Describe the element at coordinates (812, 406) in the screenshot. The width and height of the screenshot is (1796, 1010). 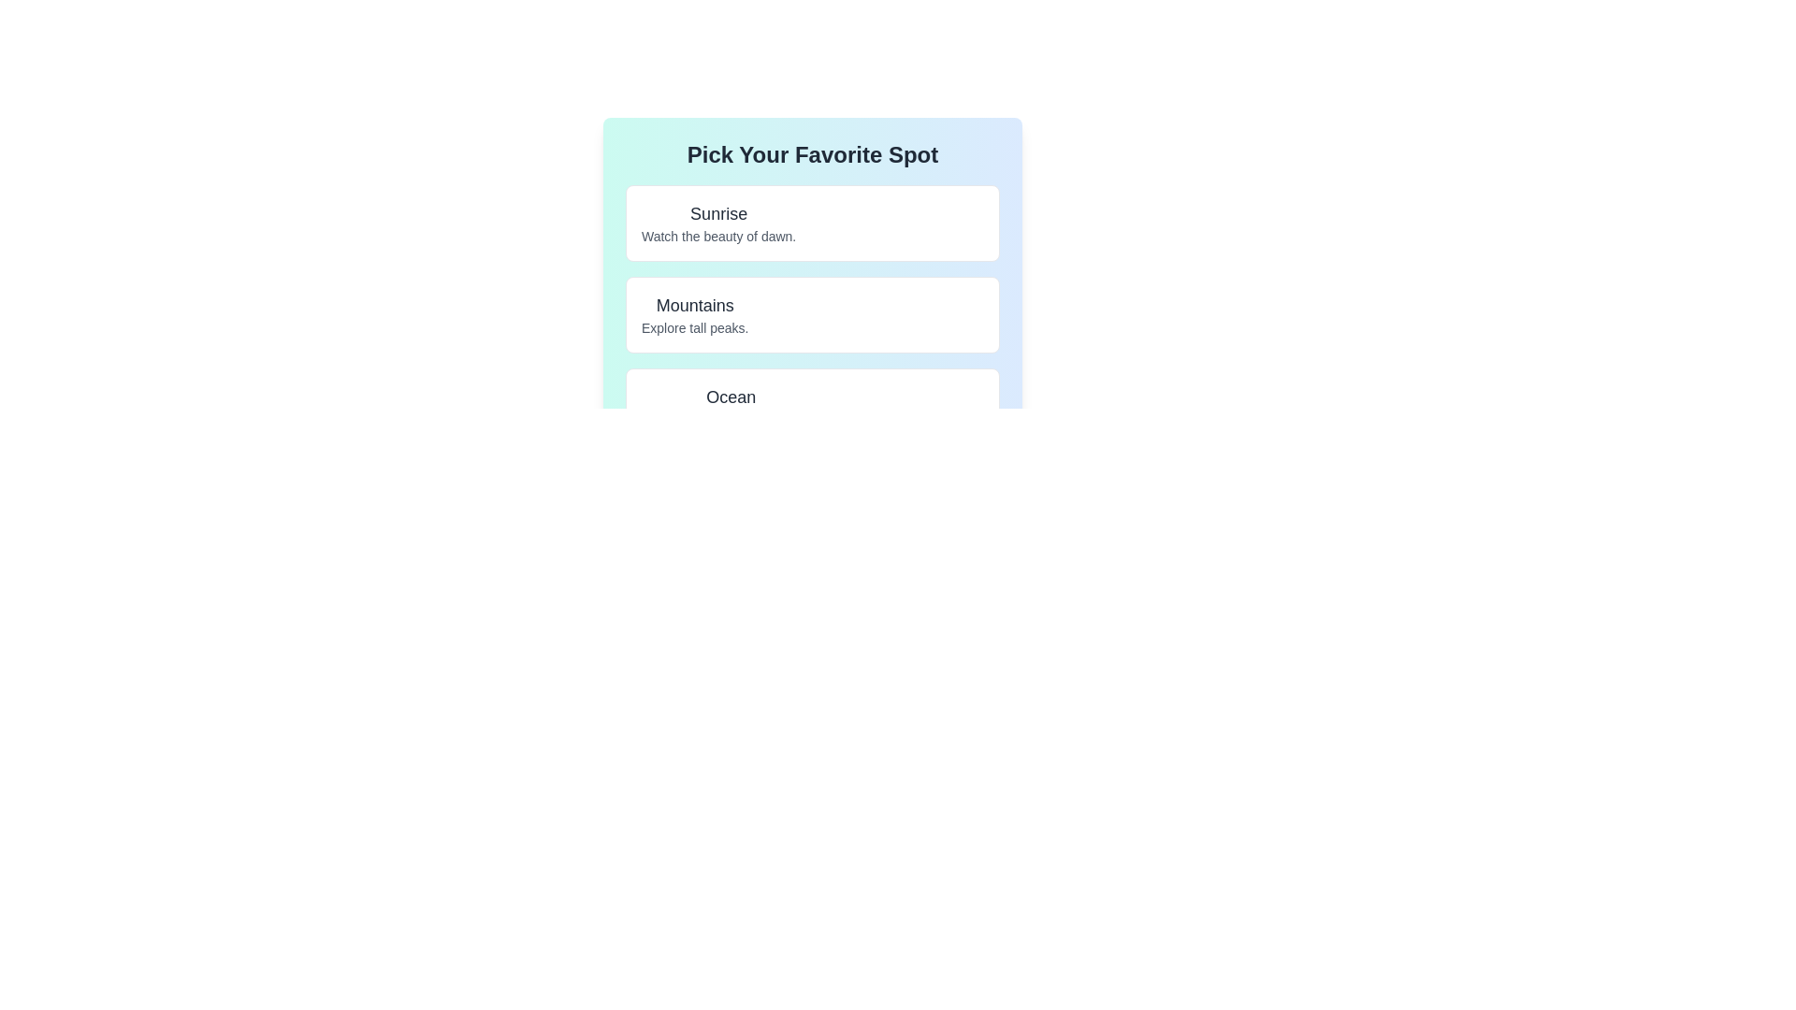
I see `the informational card related to 'Ocean', which is the third element in the vertical list titled 'Pick Your Favorite Spot'` at that location.